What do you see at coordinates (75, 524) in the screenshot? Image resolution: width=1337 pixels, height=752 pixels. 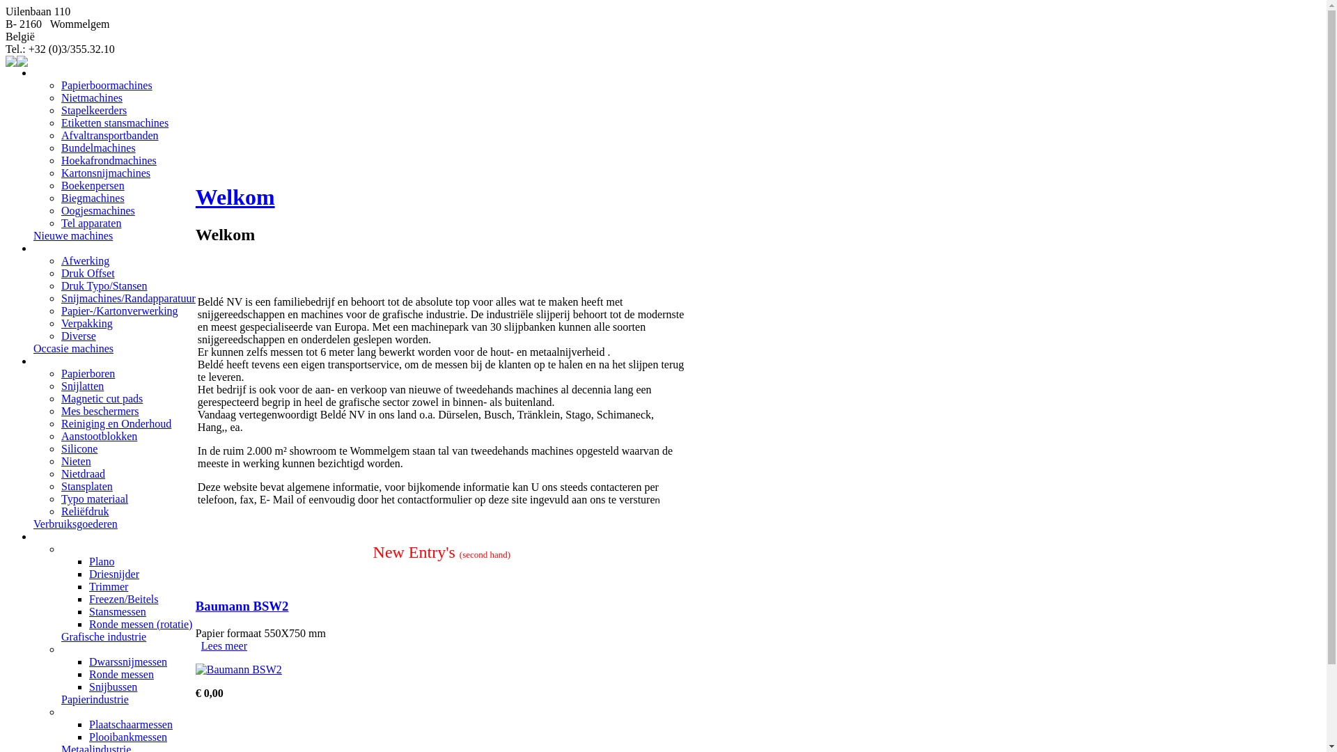 I see `'Verbruiksgoederen'` at bounding box center [75, 524].